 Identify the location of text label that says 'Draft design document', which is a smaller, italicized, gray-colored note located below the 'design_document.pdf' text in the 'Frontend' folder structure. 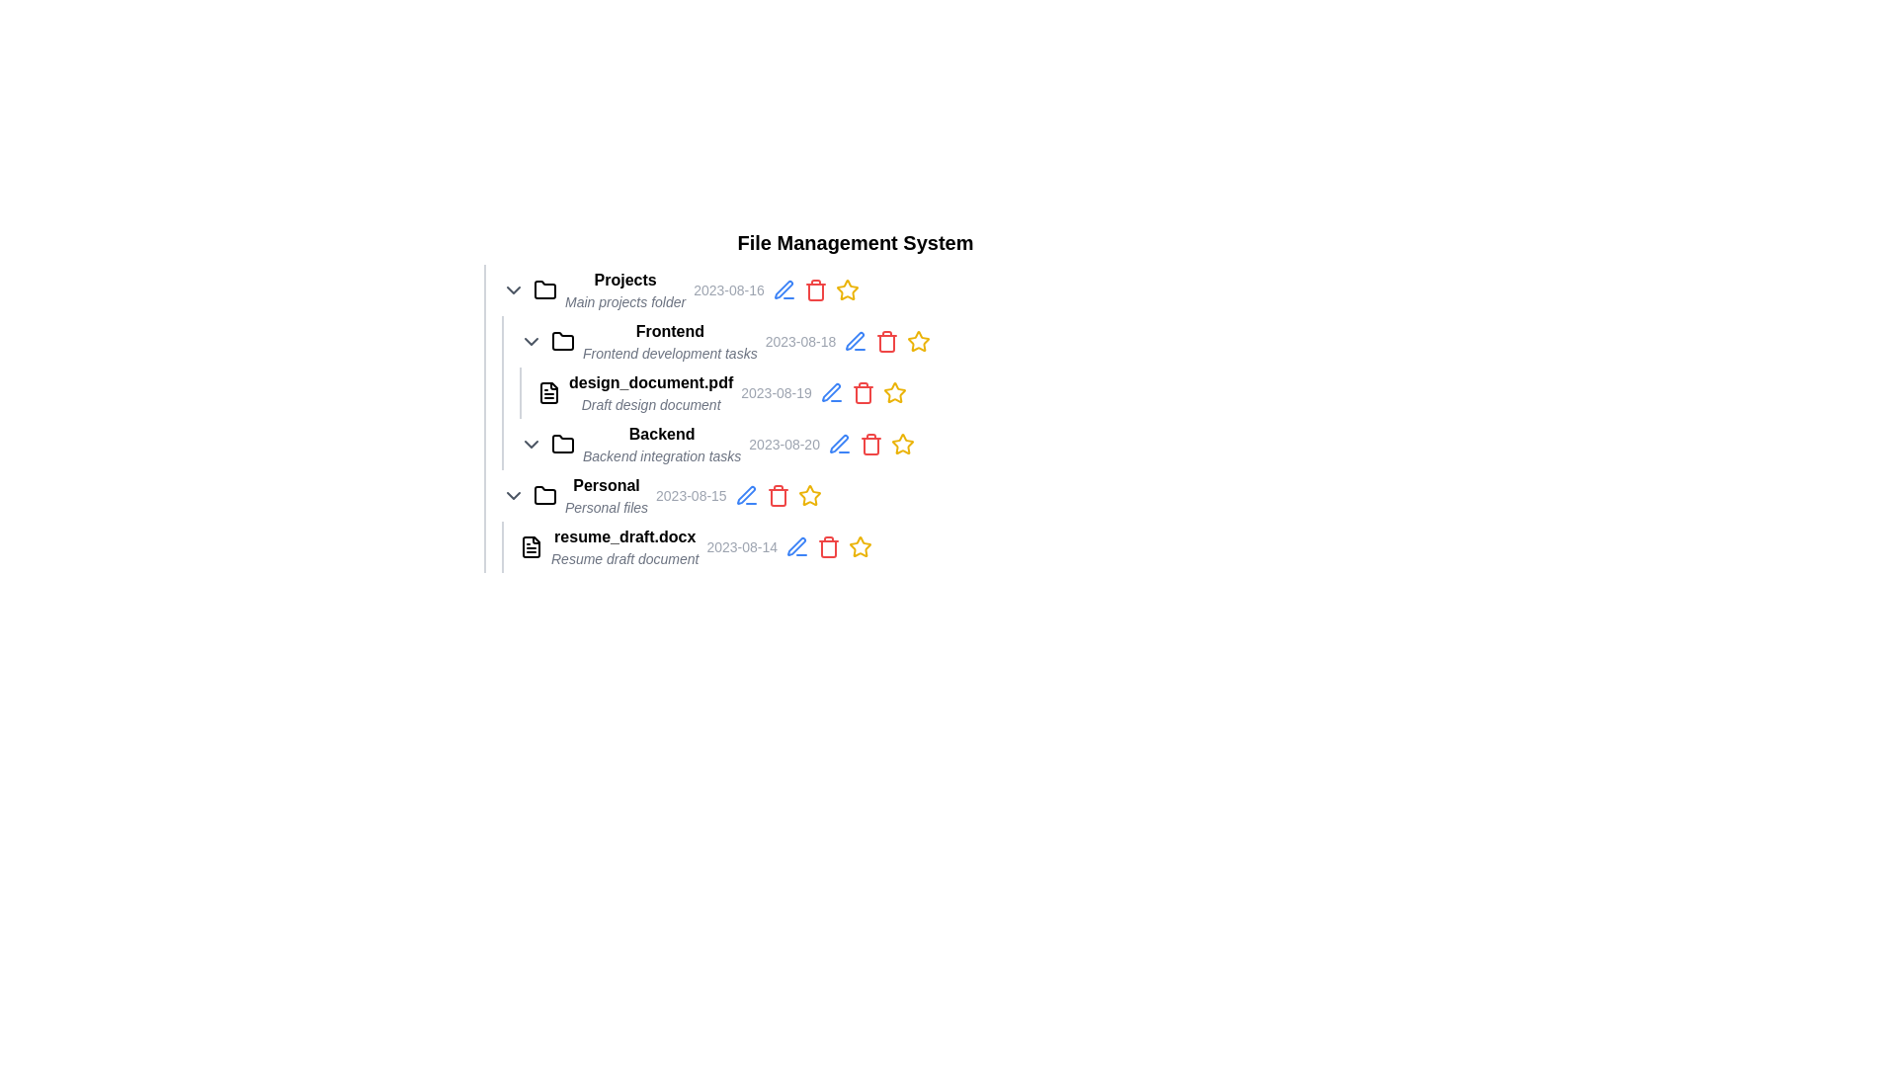
(651, 403).